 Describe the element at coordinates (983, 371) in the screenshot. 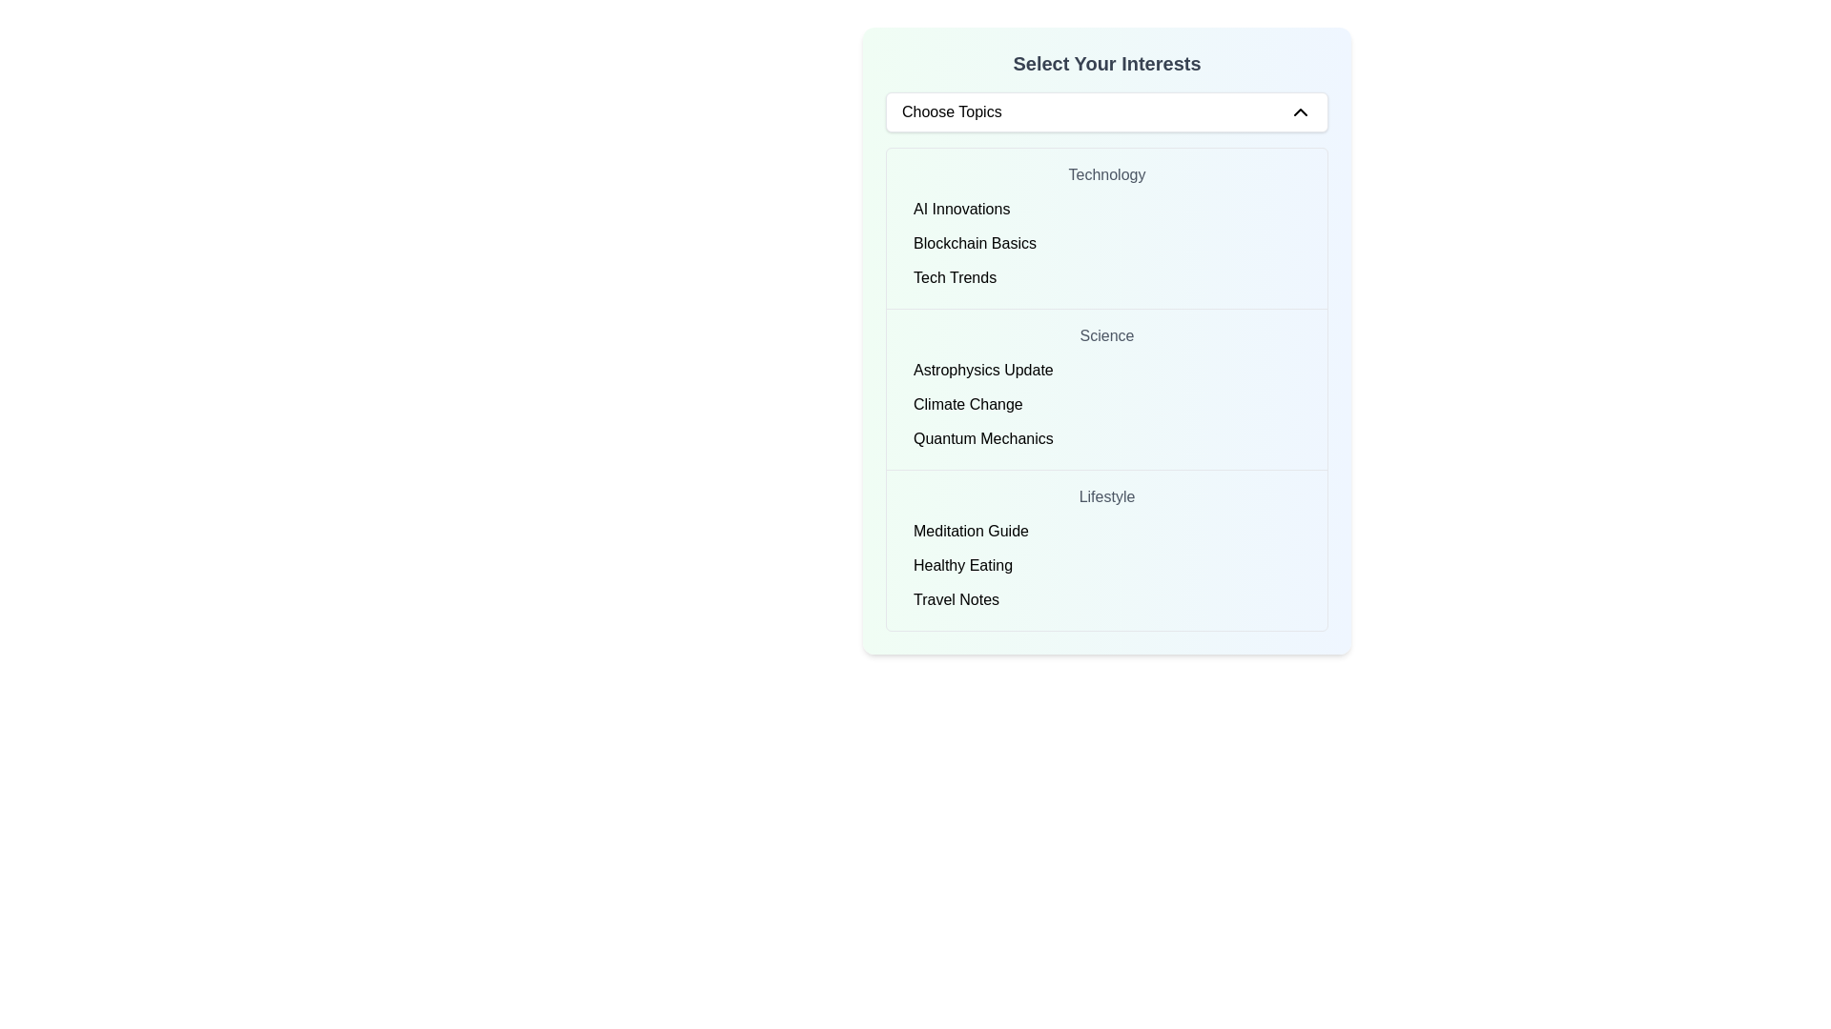

I see `the text label for the 'Science' category, which is the first option under 'Select Your Interests' following the 'Technology' section` at that location.